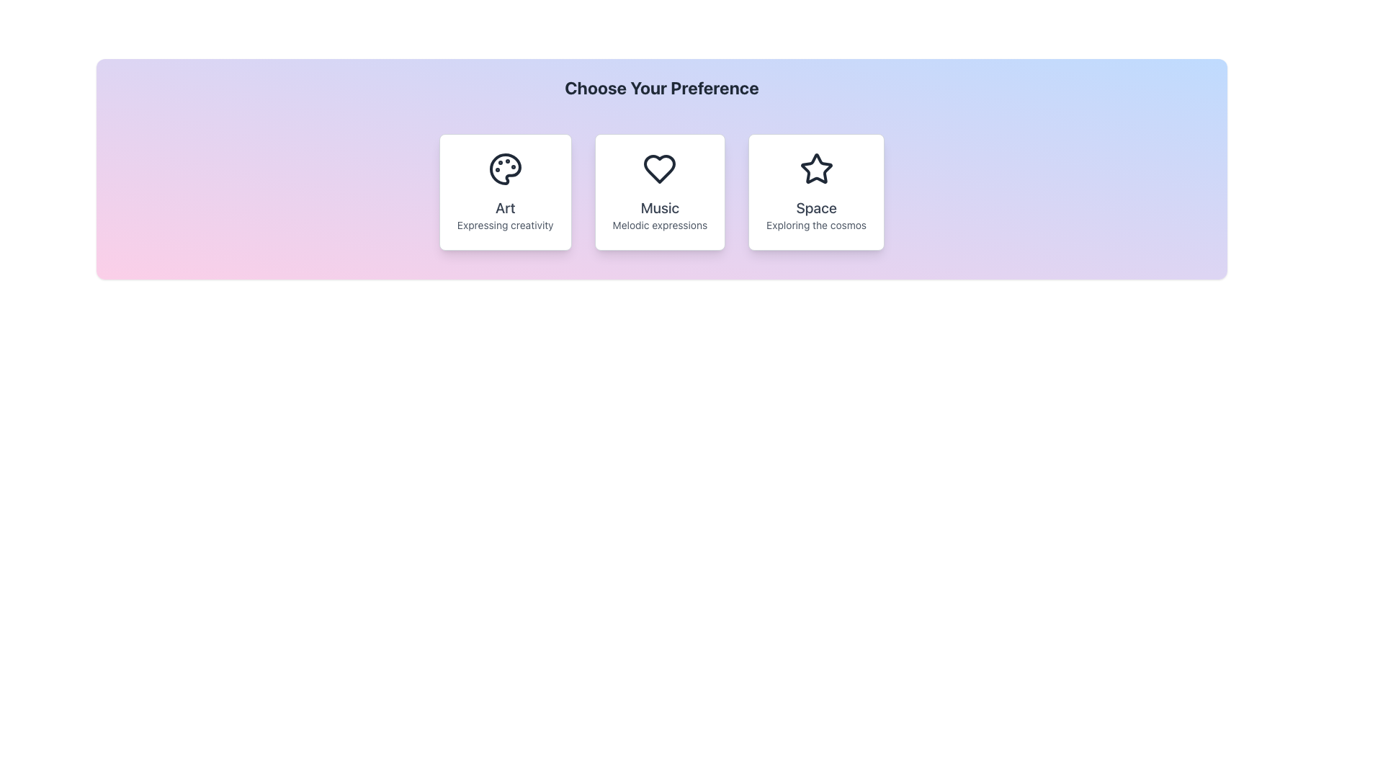 The height and width of the screenshot is (778, 1383). Describe the element at coordinates (816, 169) in the screenshot. I see `the star-shaped icon in the rightmost card, which features the title 'Space' and the description 'Exploring the cosmos'` at that location.